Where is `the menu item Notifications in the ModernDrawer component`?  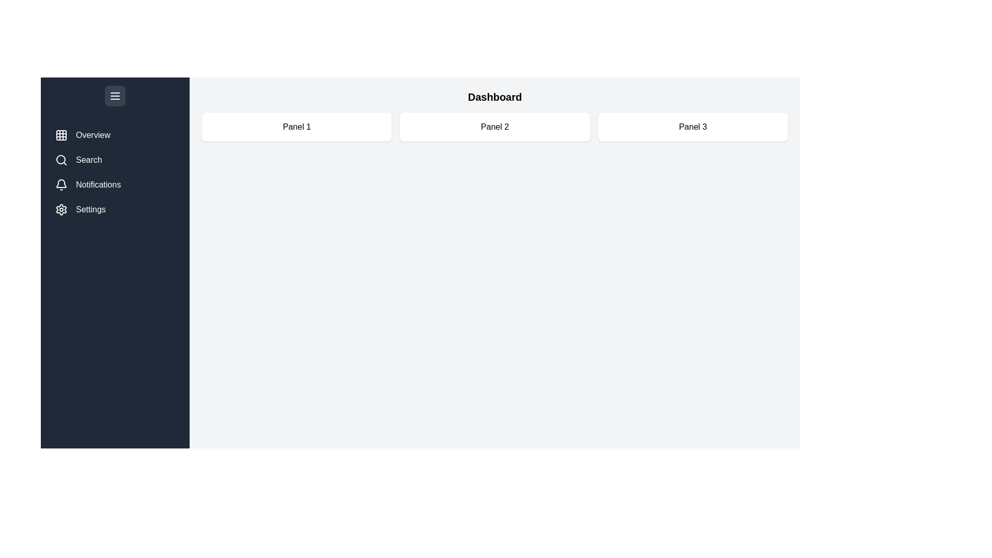 the menu item Notifications in the ModernDrawer component is located at coordinates (115, 184).